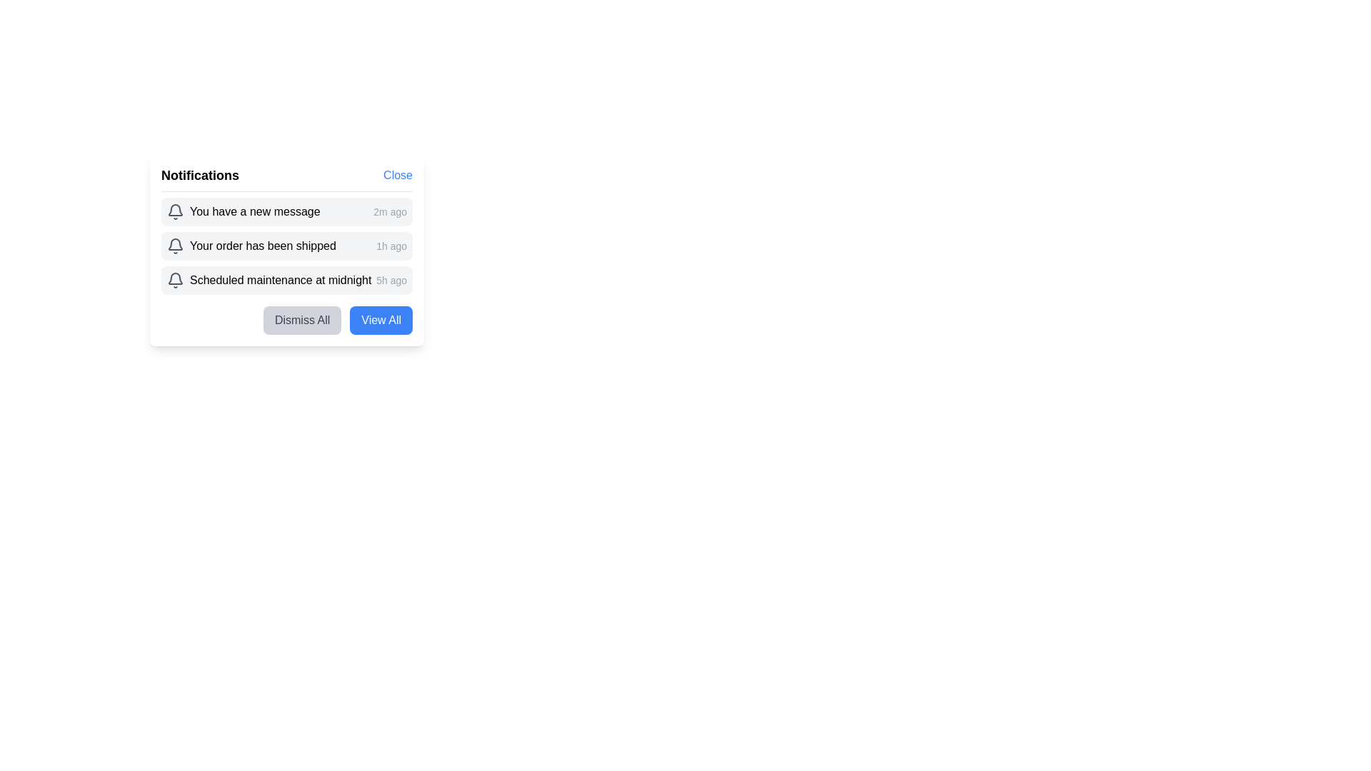 The height and width of the screenshot is (771, 1371). I want to click on a notification item in the Notifications panel, so click(286, 245).